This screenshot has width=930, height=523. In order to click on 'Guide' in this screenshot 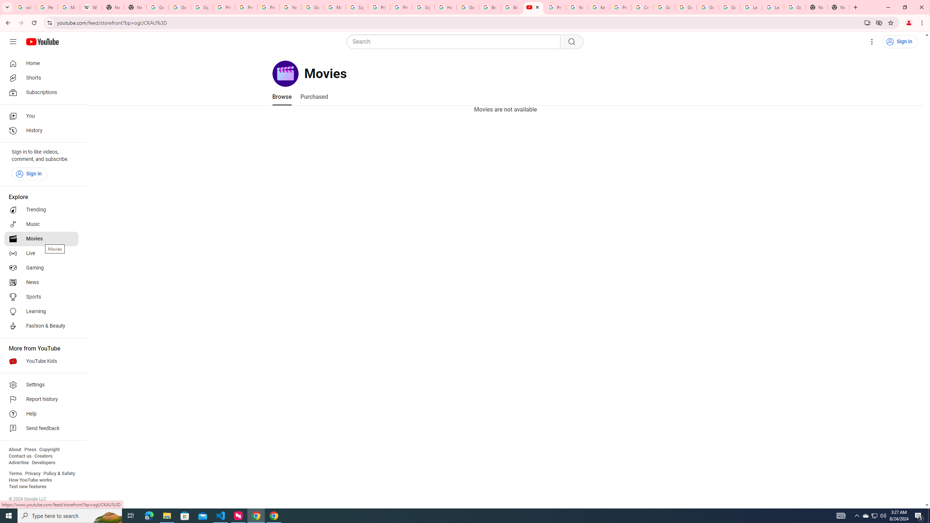, I will do `click(12, 41)`.